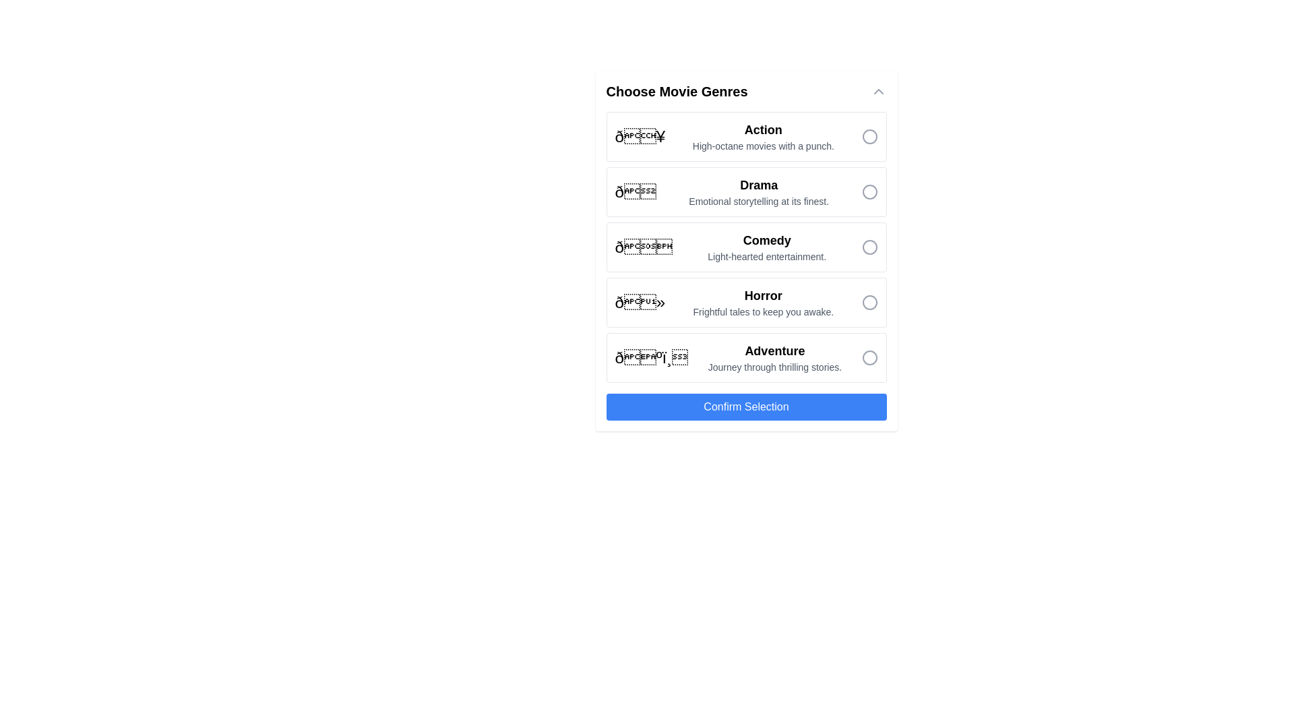  Describe the element at coordinates (869, 247) in the screenshot. I see `the radio button located in the third row of the genre list` at that location.